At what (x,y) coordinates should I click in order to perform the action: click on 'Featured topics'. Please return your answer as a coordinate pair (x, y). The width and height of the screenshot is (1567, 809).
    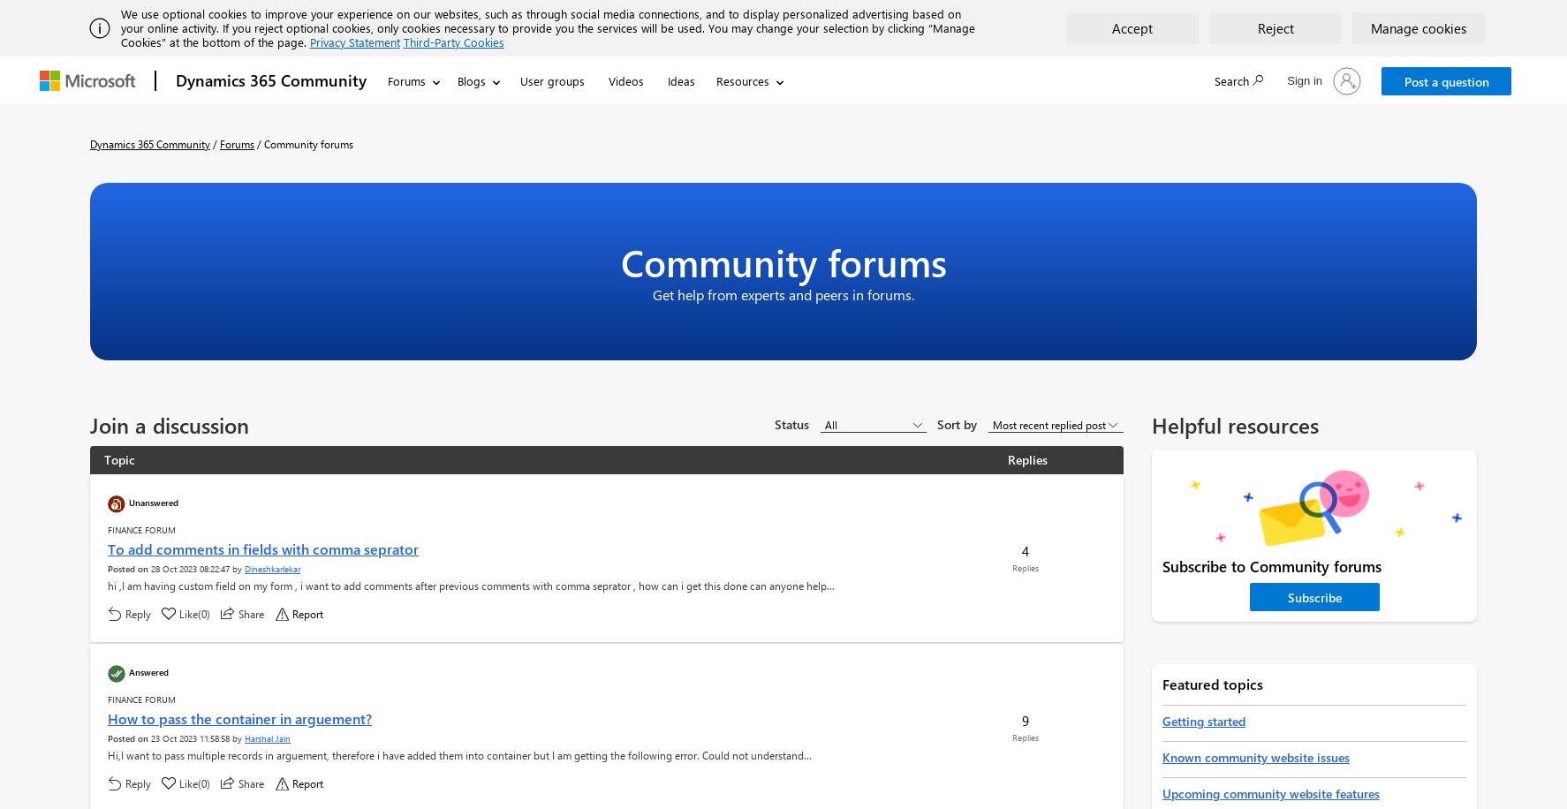
    Looking at the image, I should click on (1213, 683).